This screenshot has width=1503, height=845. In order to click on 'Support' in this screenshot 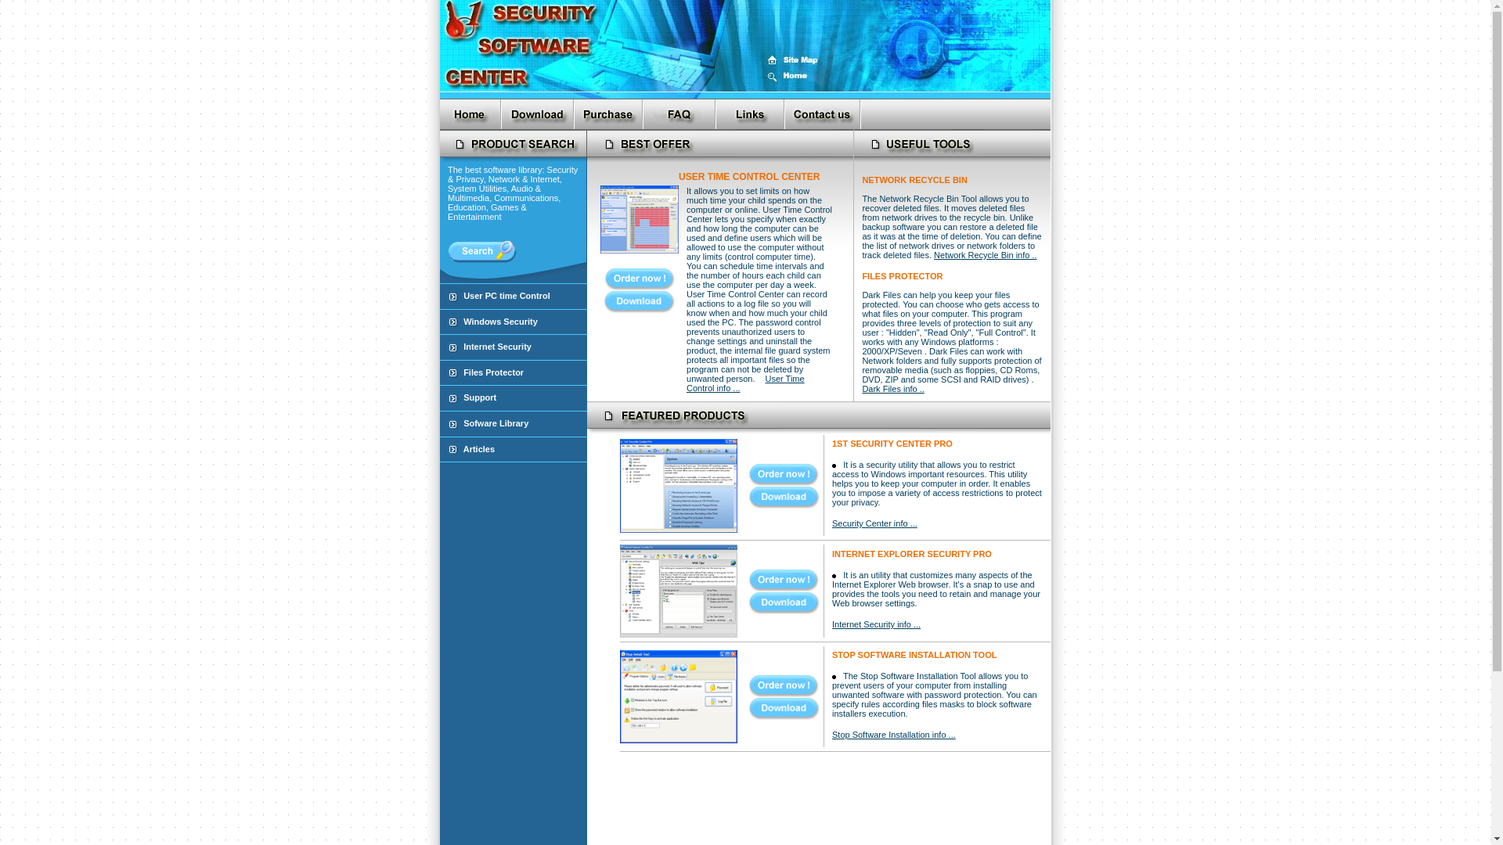, I will do `click(479, 397)`.